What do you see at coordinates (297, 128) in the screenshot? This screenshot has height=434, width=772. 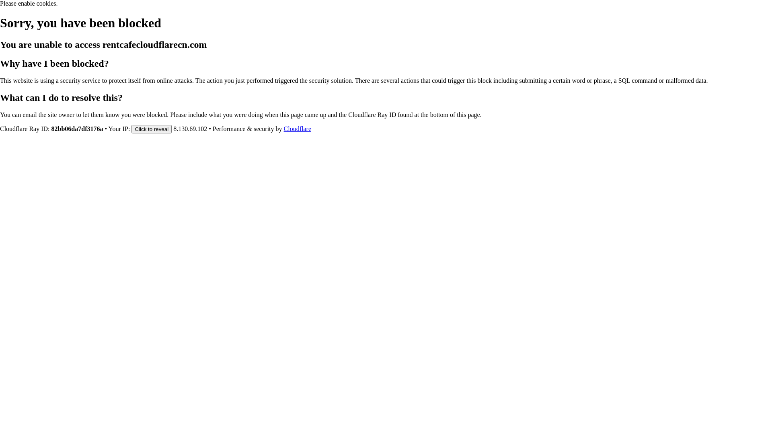 I see `'Cloudflare'` at bounding box center [297, 128].